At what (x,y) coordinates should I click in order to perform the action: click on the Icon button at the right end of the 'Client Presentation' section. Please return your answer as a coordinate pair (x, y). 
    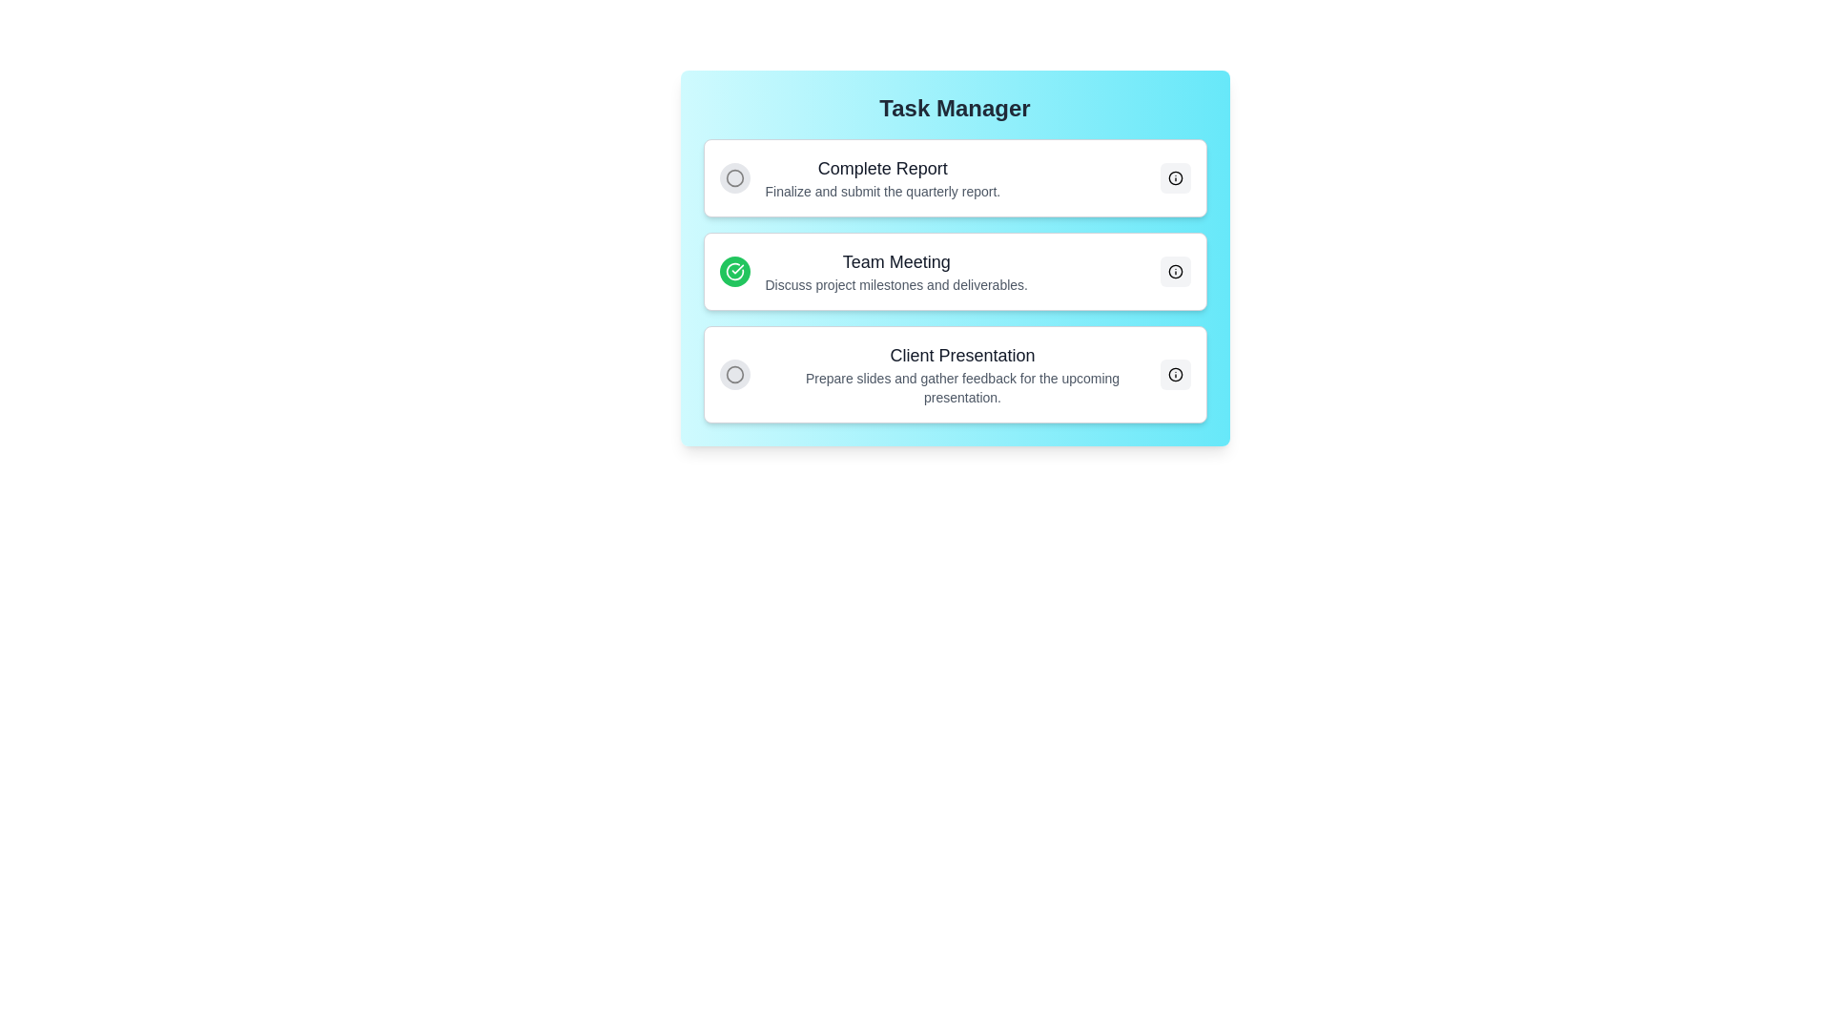
    Looking at the image, I should click on (1174, 375).